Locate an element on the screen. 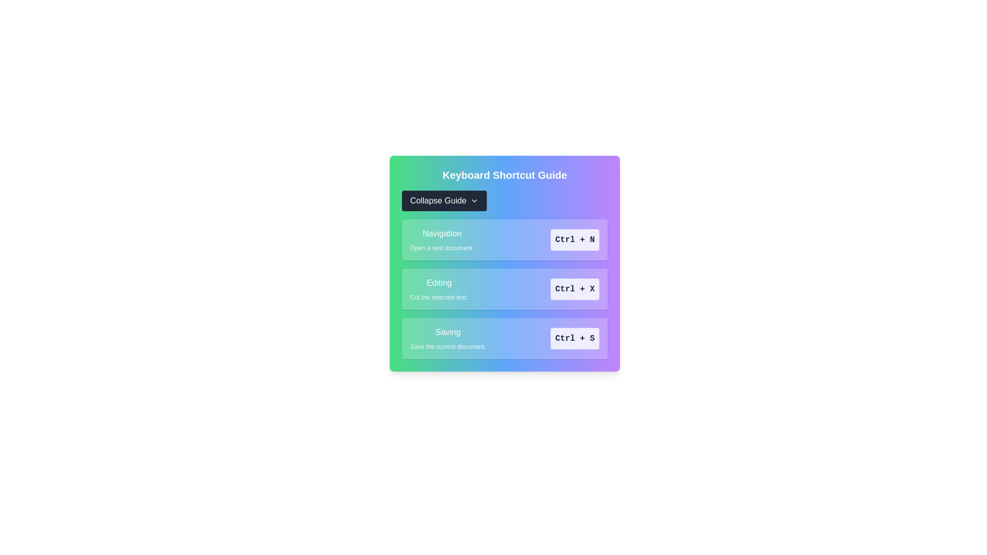 The height and width of the screenshot is (555, 987). the text label displaying the keyboard shortcut 'Ctrl + N' associated with the 'Navigation' functionality, located on the right-most side of its group is located at coordinates (574, 239).